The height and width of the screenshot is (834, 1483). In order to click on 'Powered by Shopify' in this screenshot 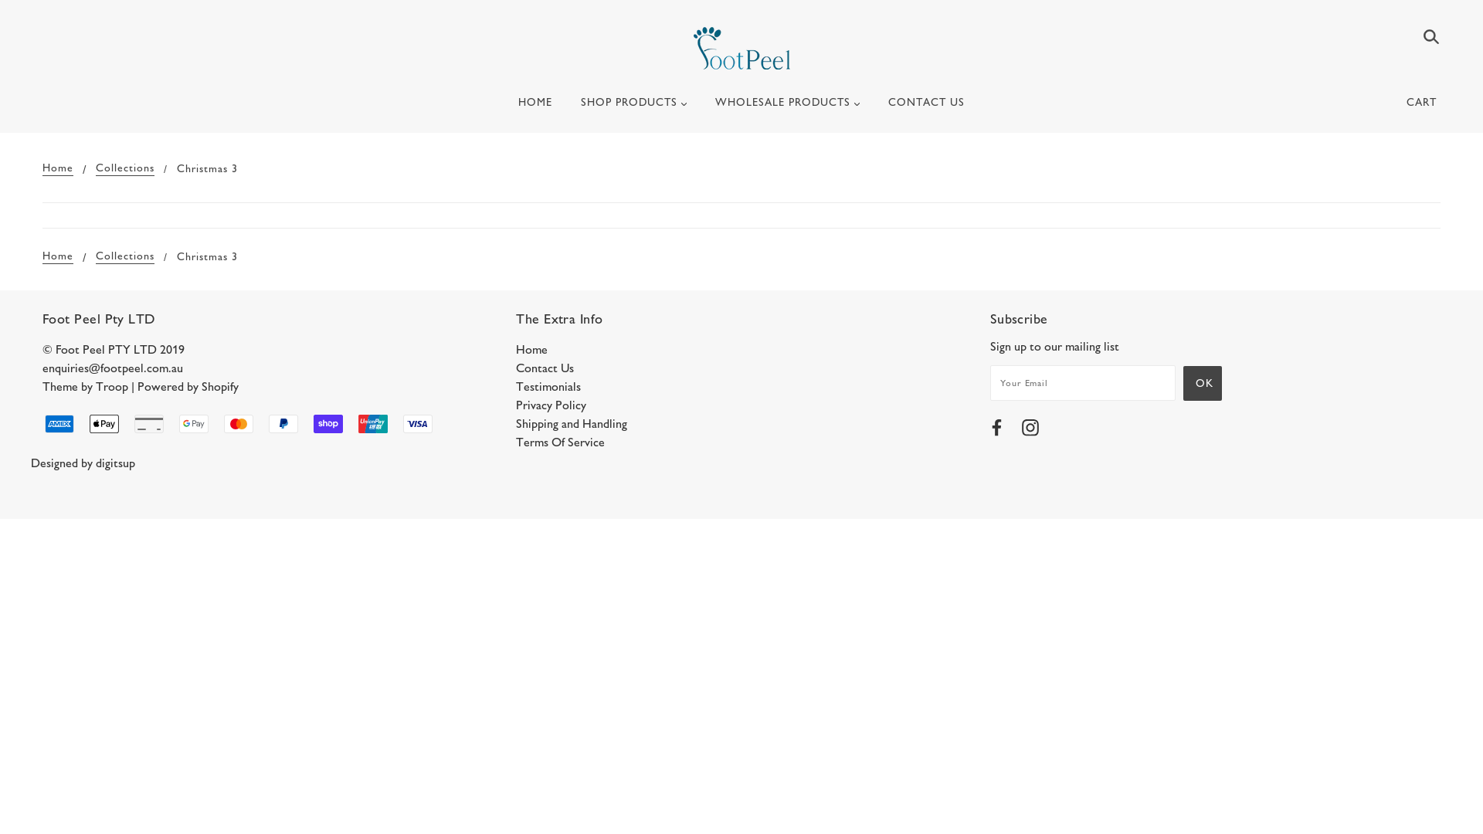, I will do `click(187, 385)`.